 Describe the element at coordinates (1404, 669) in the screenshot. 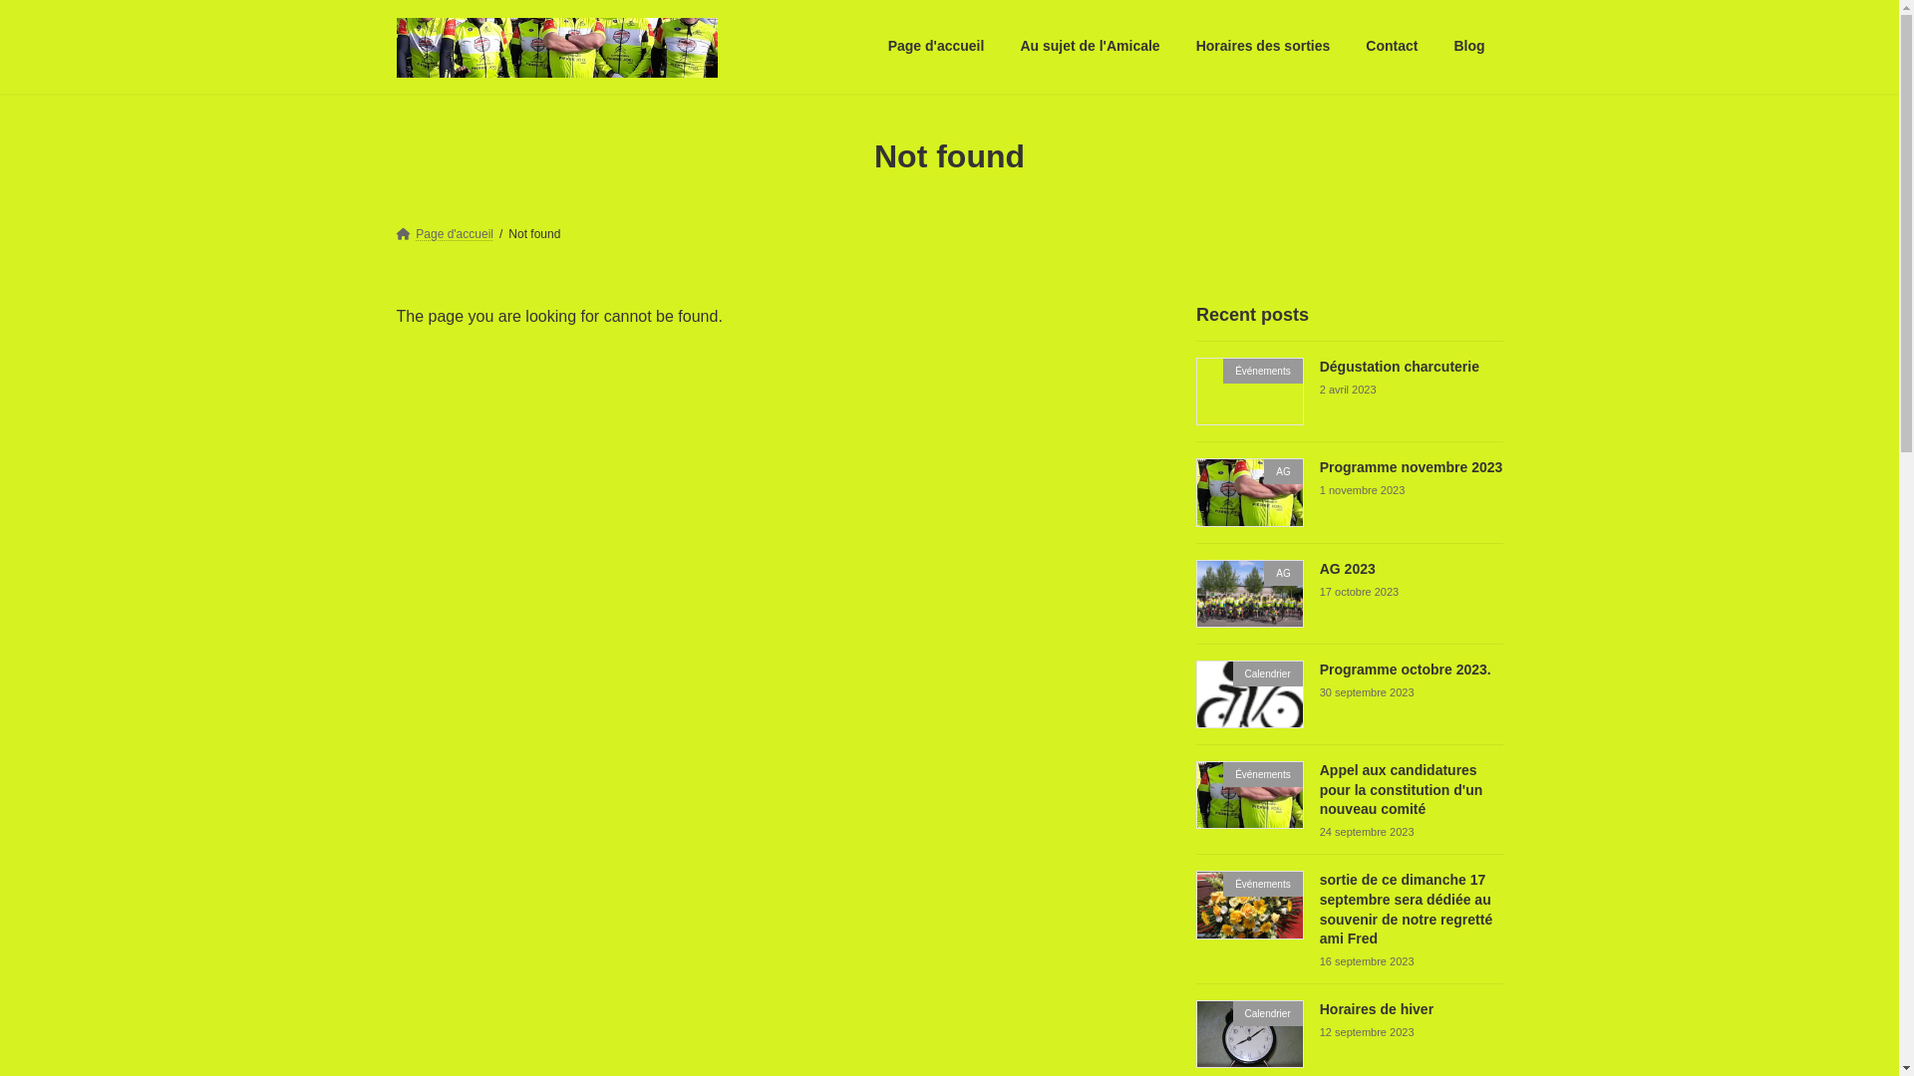

I see `'Programme octobre 2023.'` at that location.